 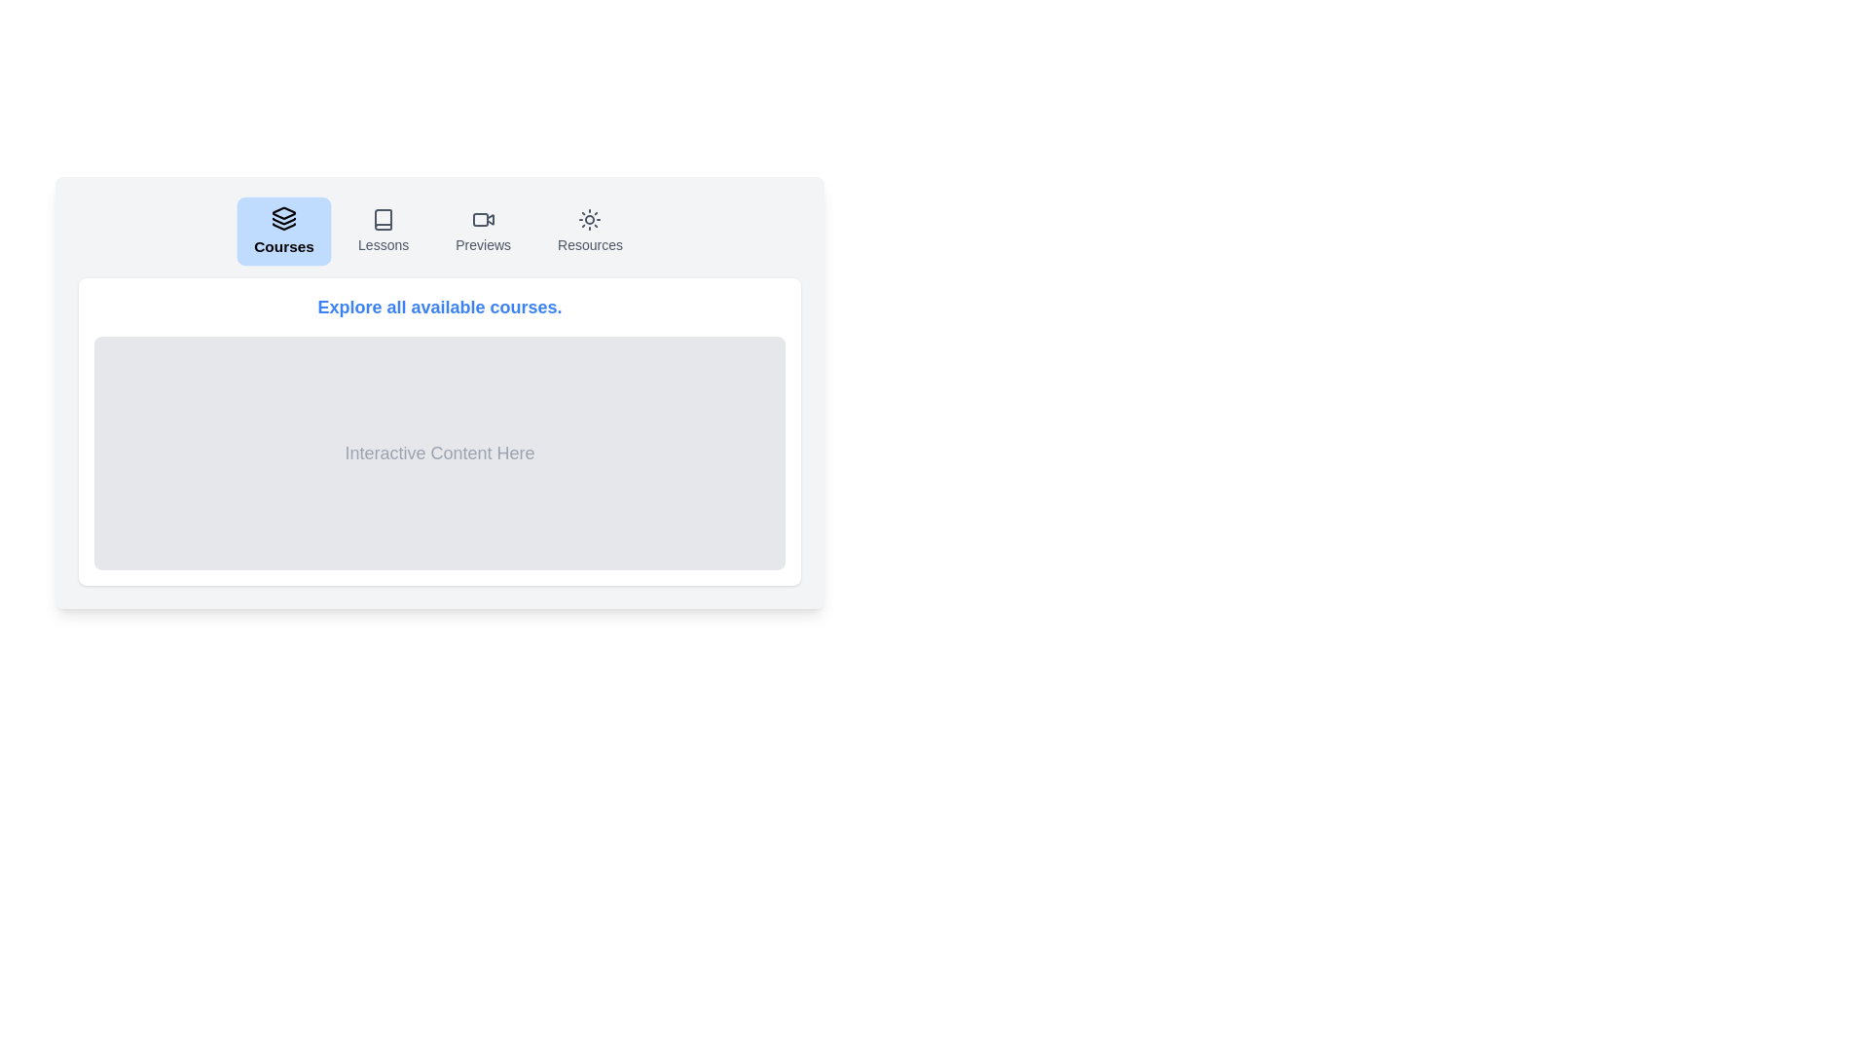 What do you see at coordinates (588, 231) in the screenshot?
I see `the Resources tab by clicking on its button` at bounding box center [588, 231].